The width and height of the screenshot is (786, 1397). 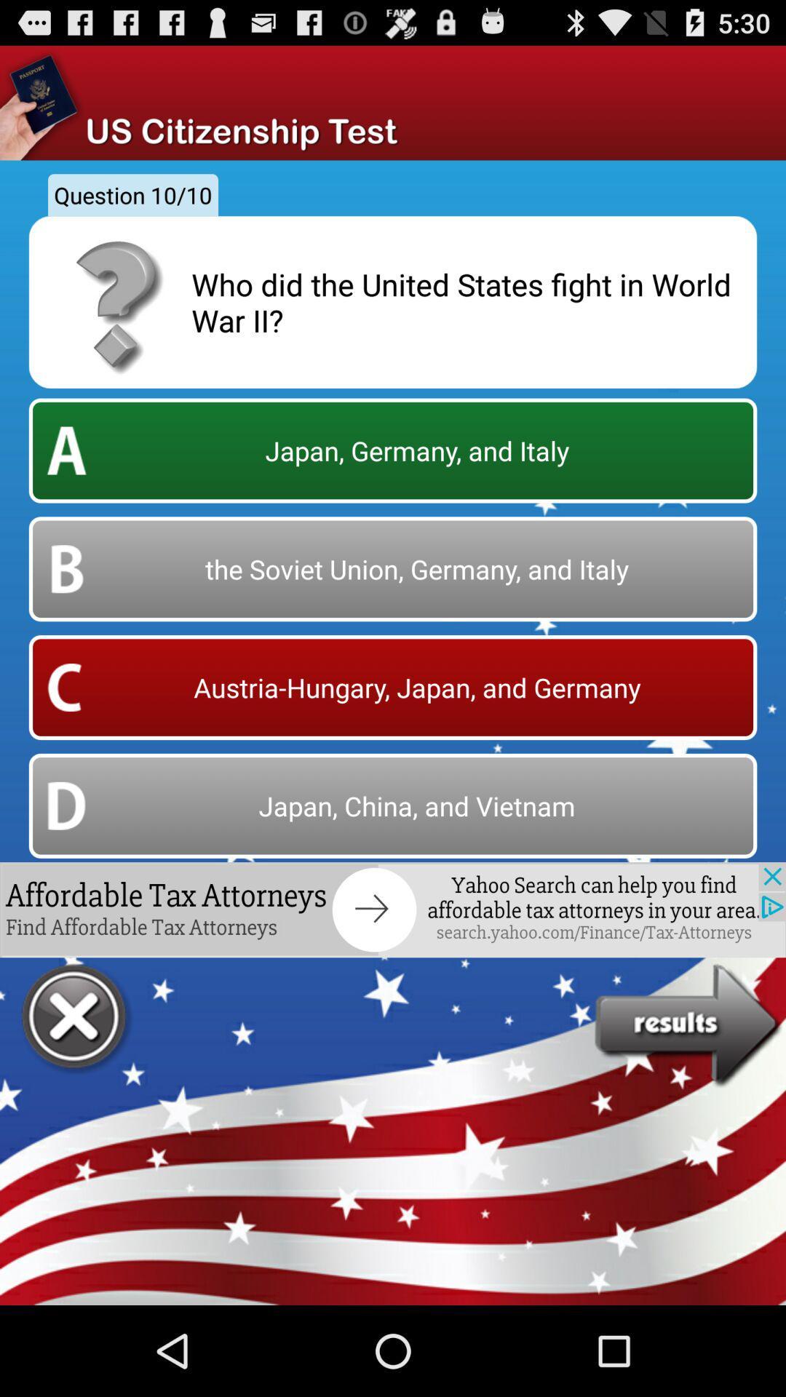 I want to click on result button, so click(x=689, y=1025).